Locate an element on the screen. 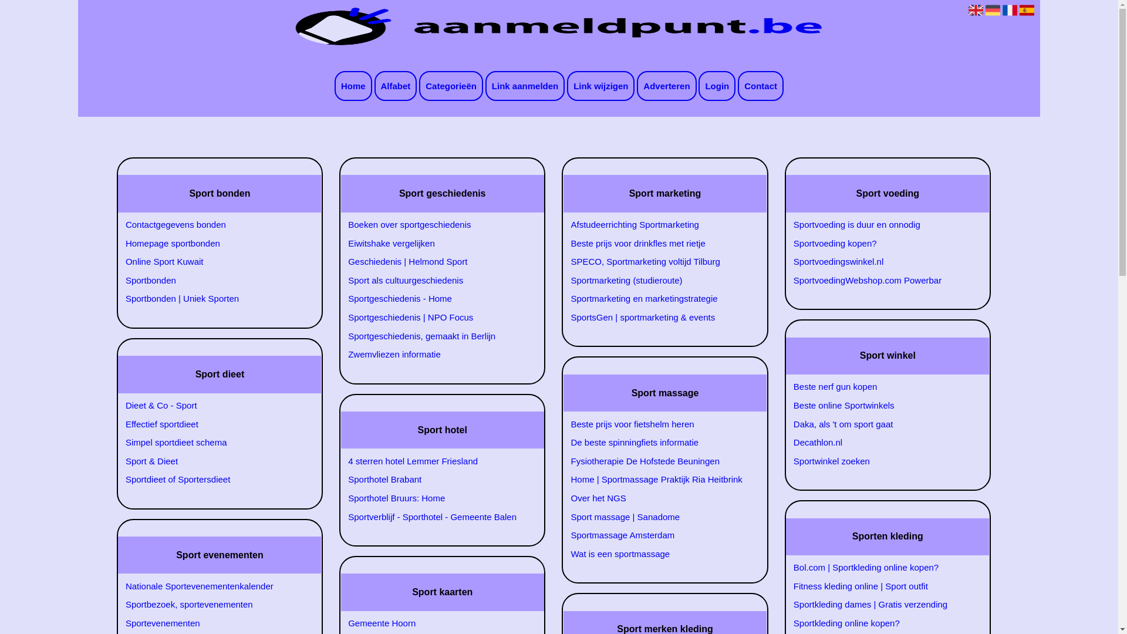  'Sportbezoek, sportevenementen' is located at coordinates (213, 604).